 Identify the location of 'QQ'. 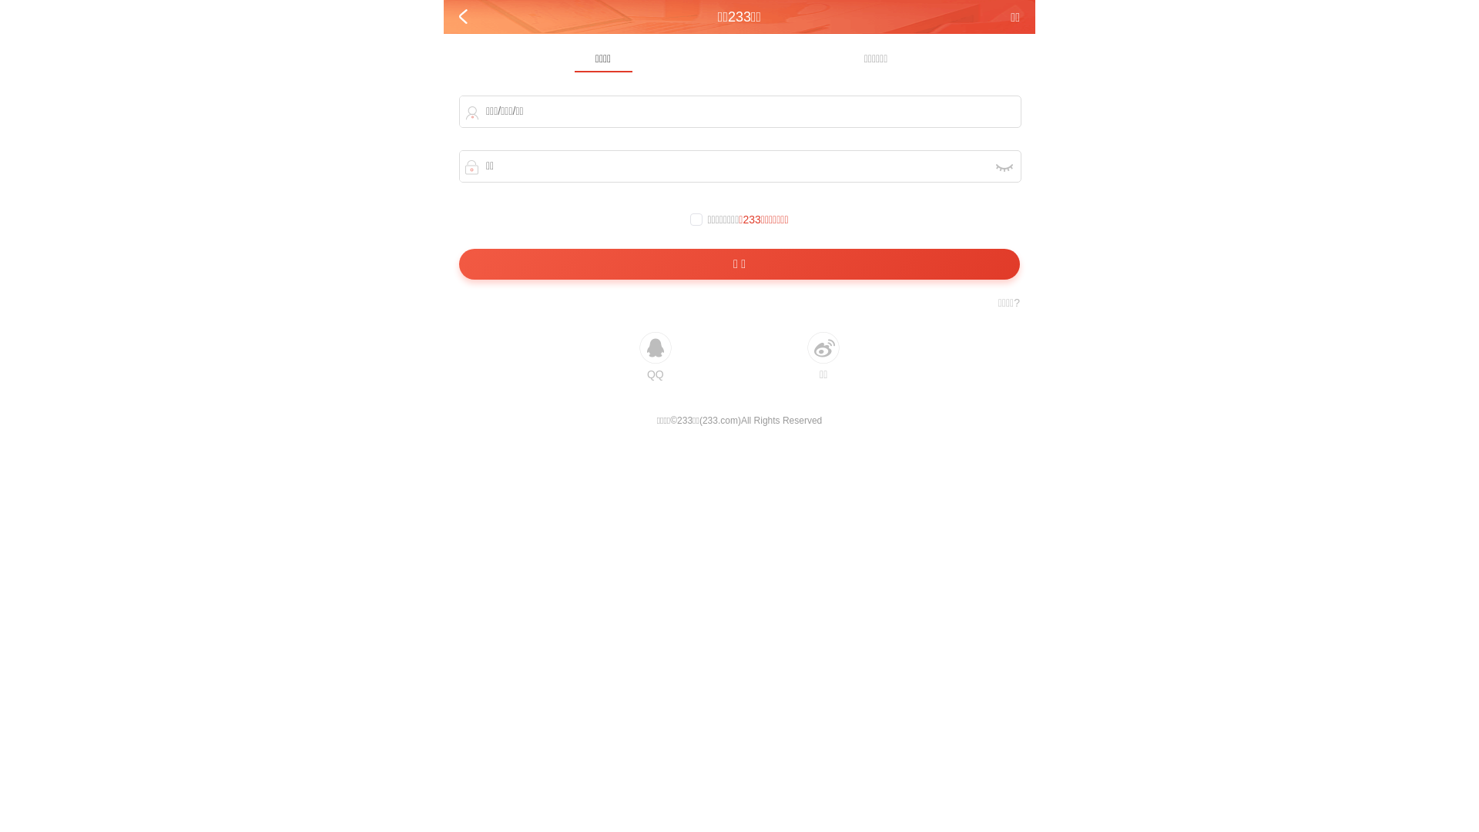
(655, 356).